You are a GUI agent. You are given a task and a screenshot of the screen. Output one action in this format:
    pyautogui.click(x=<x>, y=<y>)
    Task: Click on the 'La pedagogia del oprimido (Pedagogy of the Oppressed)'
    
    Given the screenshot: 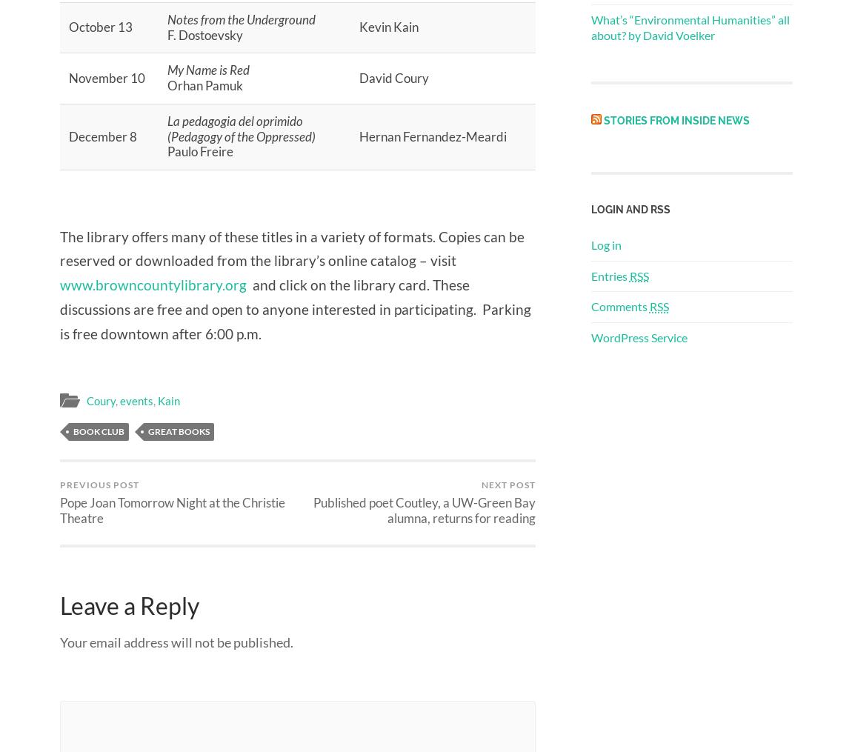 What is the action you would take?
    pyautogui.click(x=240, y=127)
    